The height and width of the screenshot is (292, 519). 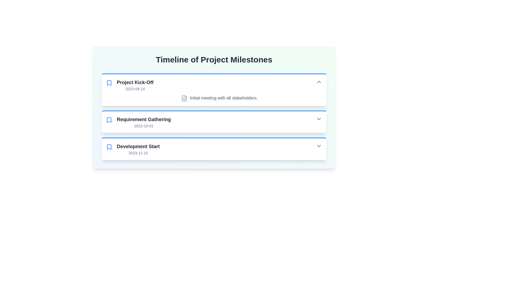 What do you see at coordinates (144, 119) in the screenshot?
I see `the text label that serves as a title for the timeline milestone entry, centrally positioned in the second card of the vertical timeline list` at bounding box center [144, 119].